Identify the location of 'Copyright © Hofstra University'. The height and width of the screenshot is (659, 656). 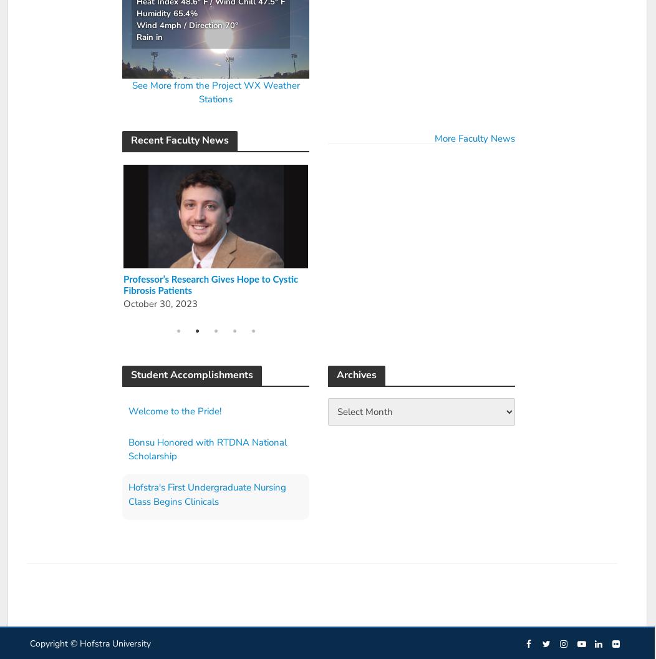
(89, 642).